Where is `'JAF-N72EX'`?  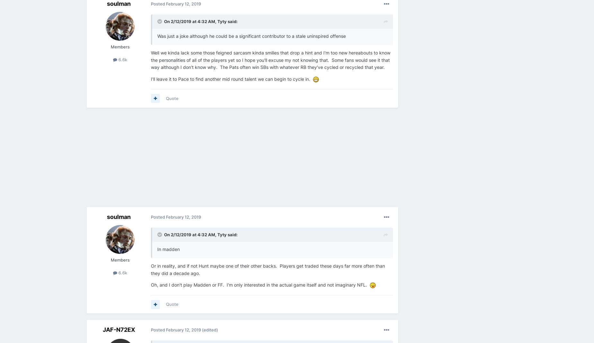
'JAF-N72EX' is located at coordinates (102, 330).